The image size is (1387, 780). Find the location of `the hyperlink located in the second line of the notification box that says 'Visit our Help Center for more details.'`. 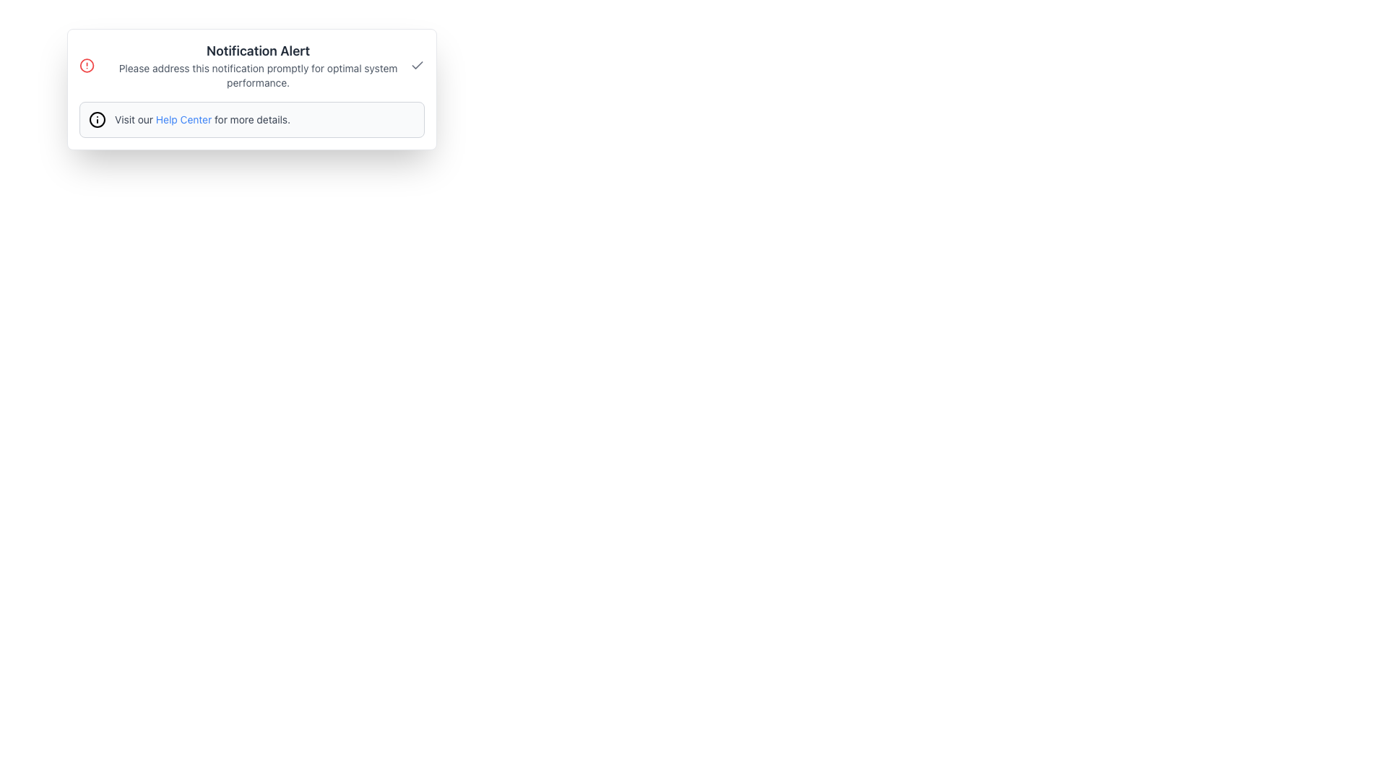

the hyperlink located in the second line of the notification box that says 'Visit our Help Center for more details.' is located at coordinates (183, 118).